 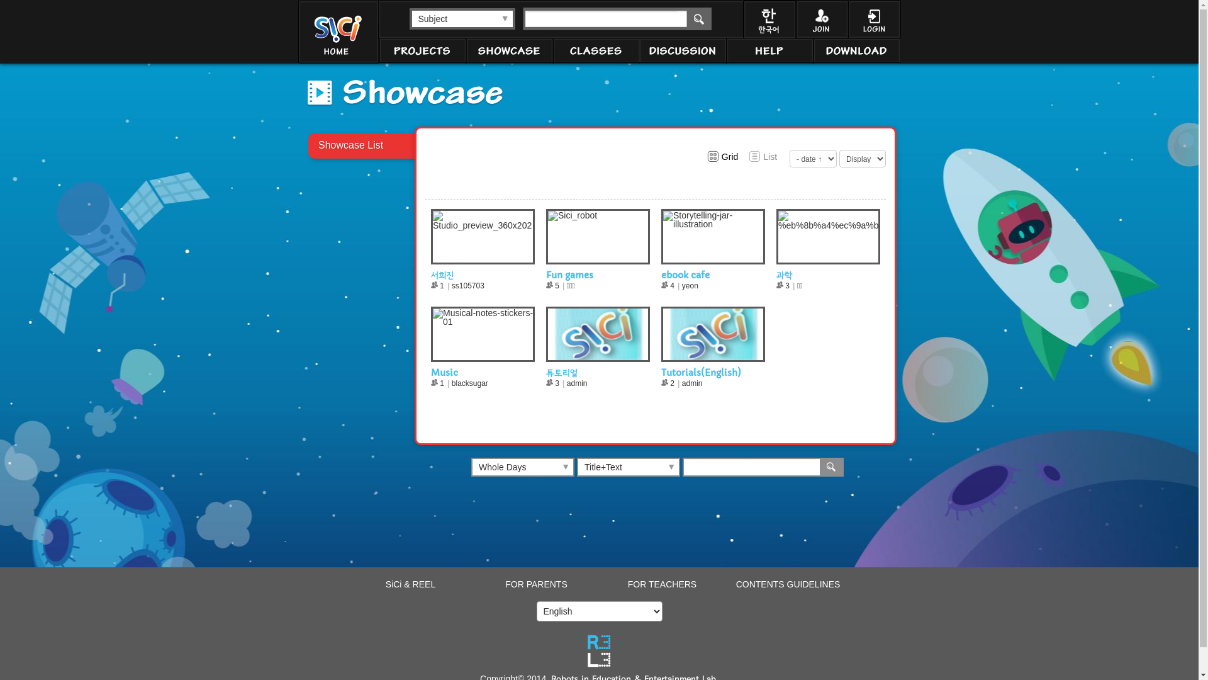 I want to click on 'Classes', so click(x=595, y=50).